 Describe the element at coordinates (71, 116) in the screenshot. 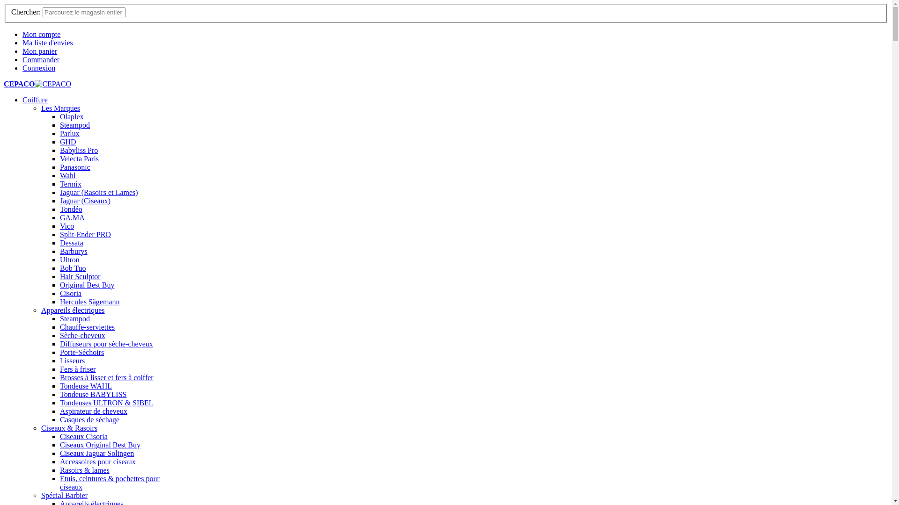

I see `'Olaplex'` at that location.